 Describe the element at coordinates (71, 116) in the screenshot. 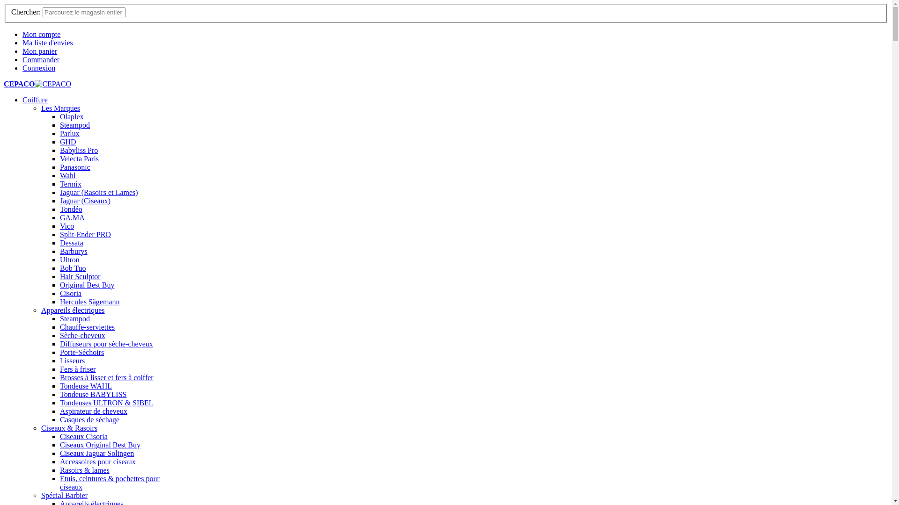

I see `'Olaplex'` at that location.